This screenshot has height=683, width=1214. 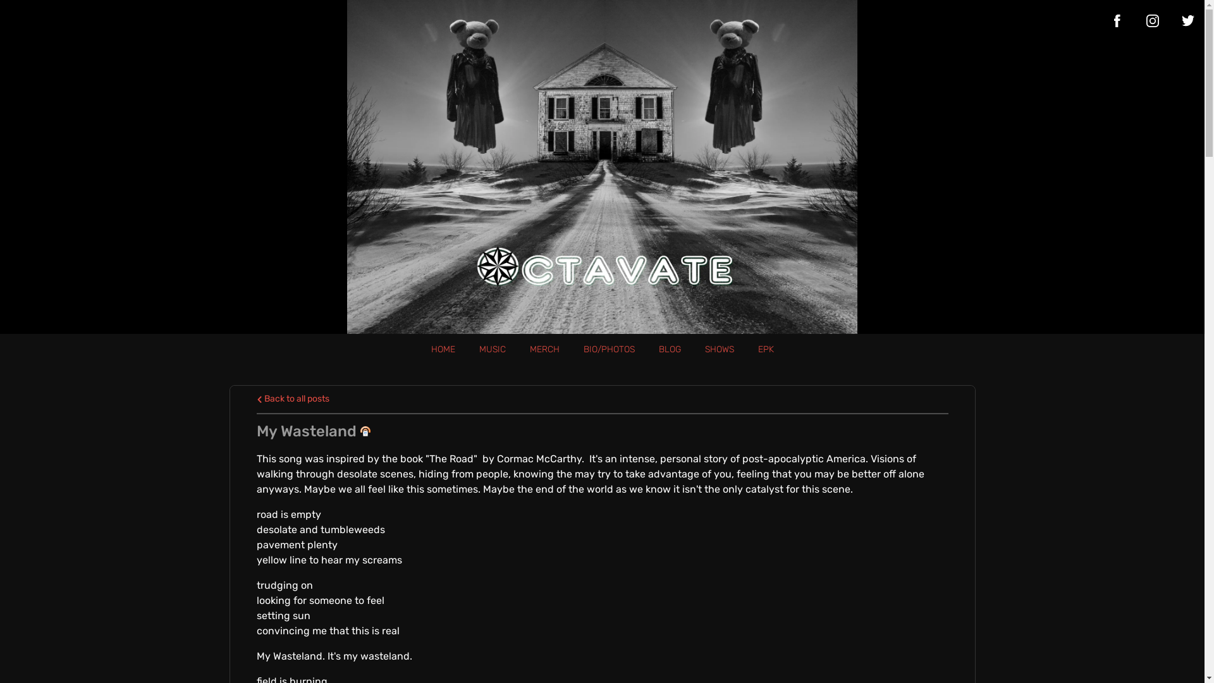 What do you see at coordinates (764, 349) in the screenshot?
I see `'EPK'` at bounding box center [764, 349].